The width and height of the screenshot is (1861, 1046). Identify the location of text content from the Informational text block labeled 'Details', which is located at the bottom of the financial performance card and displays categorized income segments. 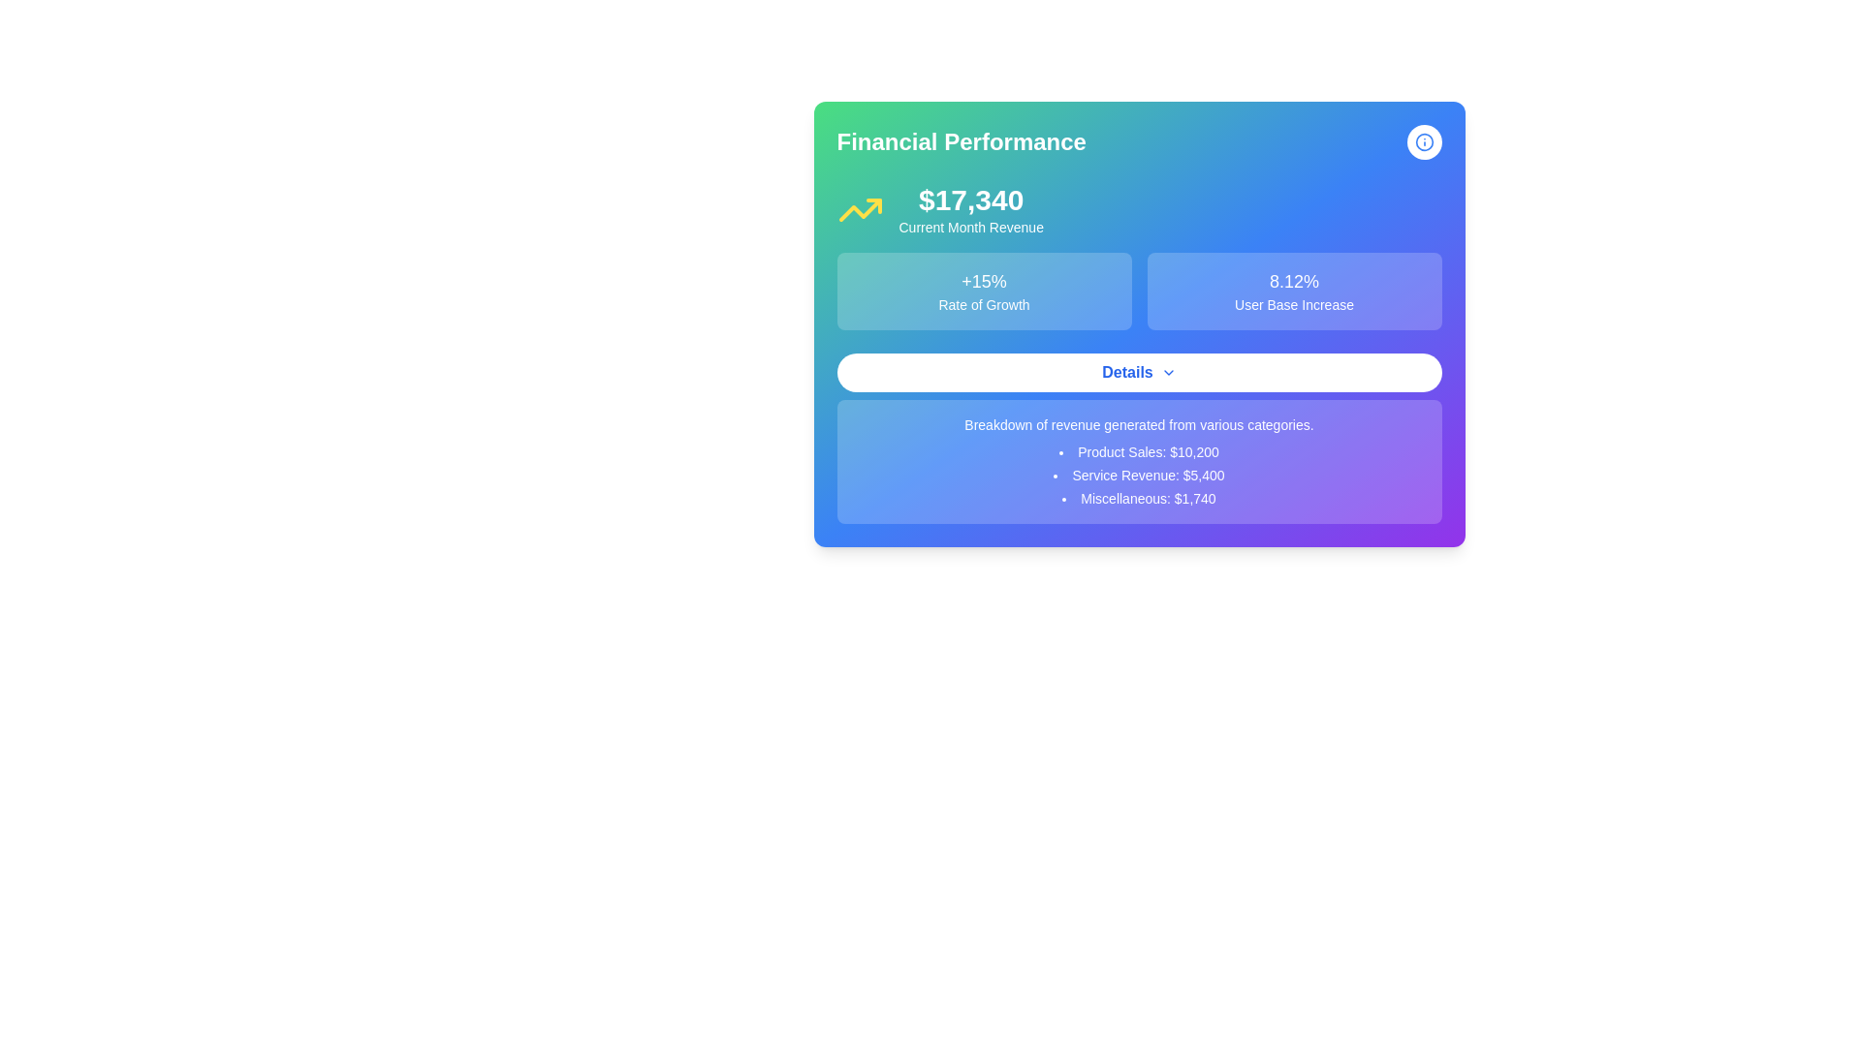
(1139, 438).